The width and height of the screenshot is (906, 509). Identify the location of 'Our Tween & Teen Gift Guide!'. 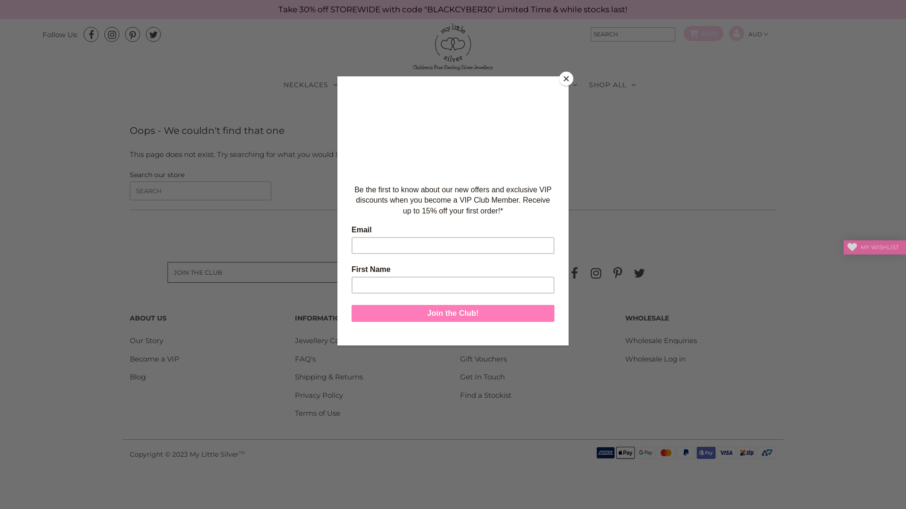
(511, 340).